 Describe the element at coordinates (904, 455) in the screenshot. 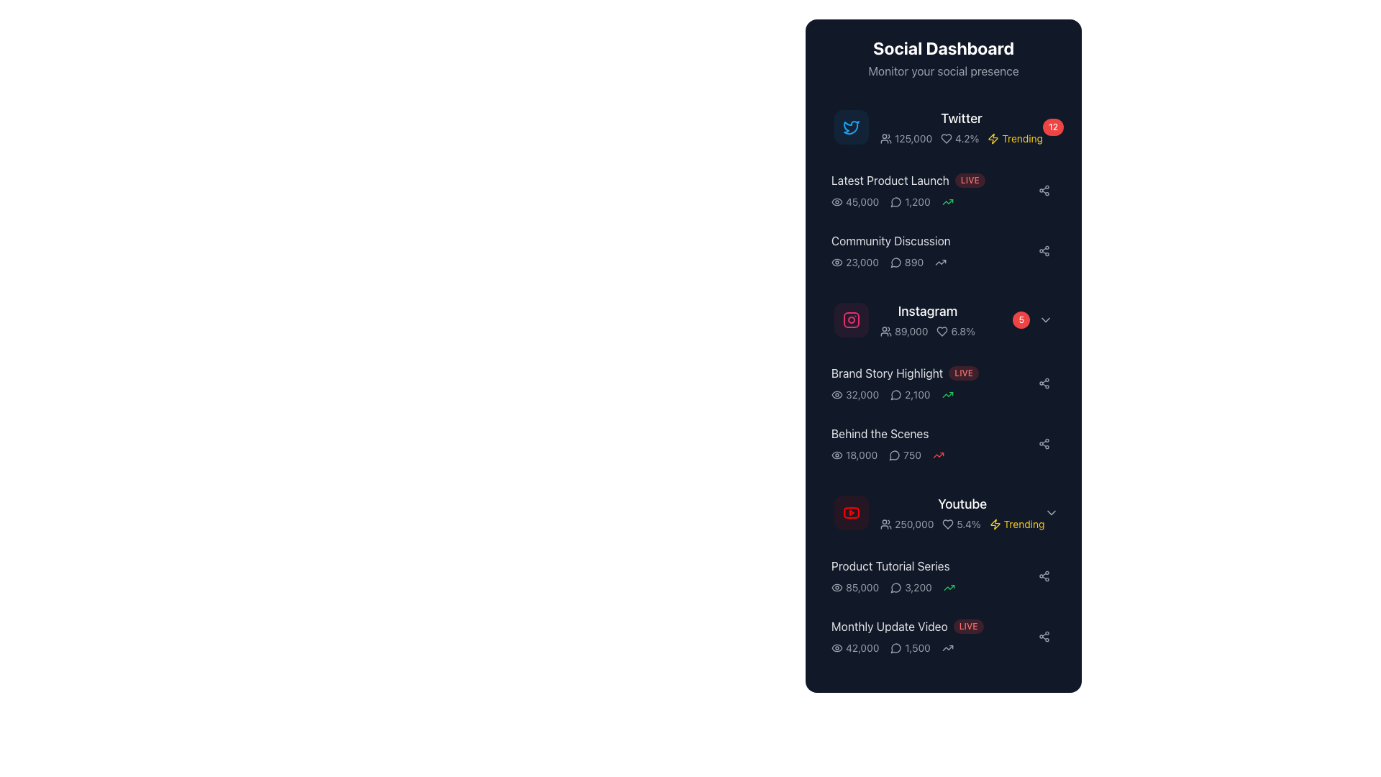

I see `the static label displaying the numeric text '750'` at that location.